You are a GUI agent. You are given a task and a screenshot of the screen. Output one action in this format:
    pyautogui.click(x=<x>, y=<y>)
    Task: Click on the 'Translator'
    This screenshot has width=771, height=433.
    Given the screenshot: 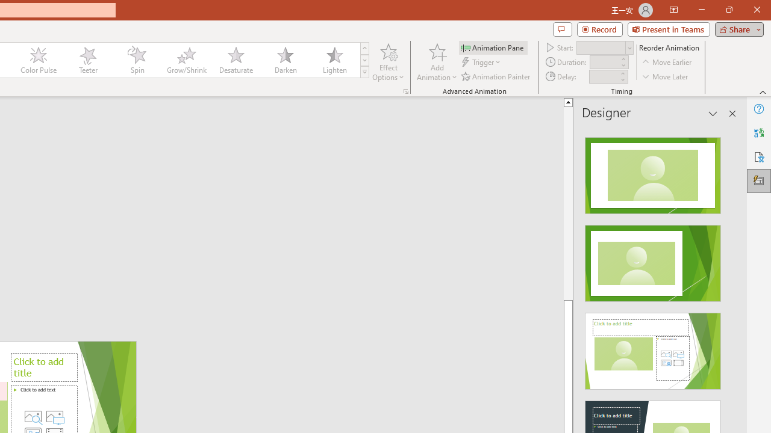 What is the action you would take?
    pyautogui.click(x=758, y=133)
    